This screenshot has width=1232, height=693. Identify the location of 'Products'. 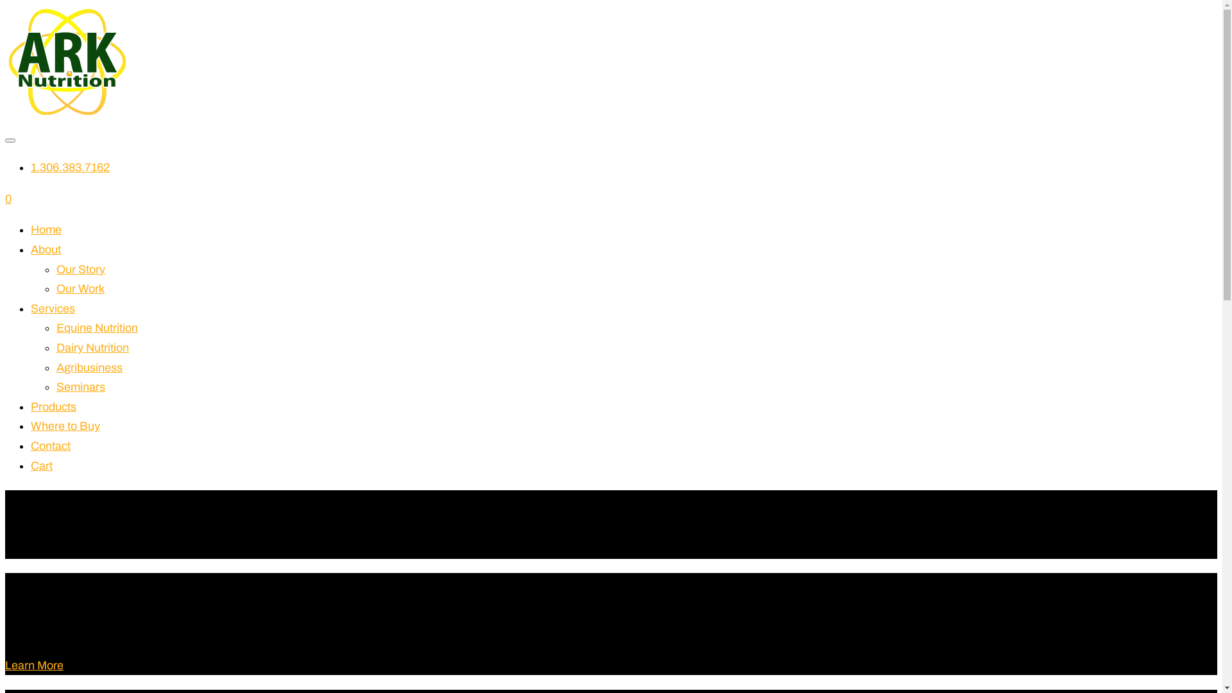
(53, 406).